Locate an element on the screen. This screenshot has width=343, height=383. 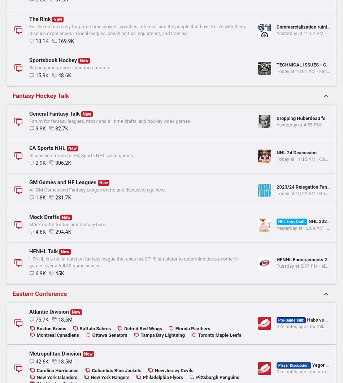
'1.4K' is located at coordinates (40, 21).